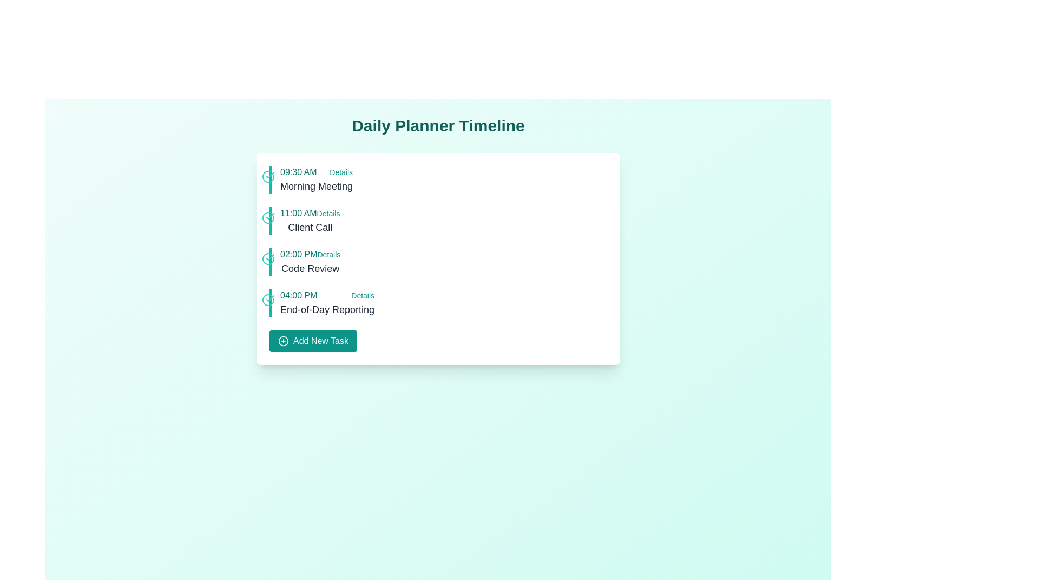 The height and width of the screenshot is (584, 1039). Describe the element at coordinates (310, 262) in the screenshot. I see `event time and title from the third event in the vertical timeline list, which includes a clickable 'Details' link and is located between '11:00 AM Client Call' and '04:00 PM End-of-Day Reporting'` at that location.